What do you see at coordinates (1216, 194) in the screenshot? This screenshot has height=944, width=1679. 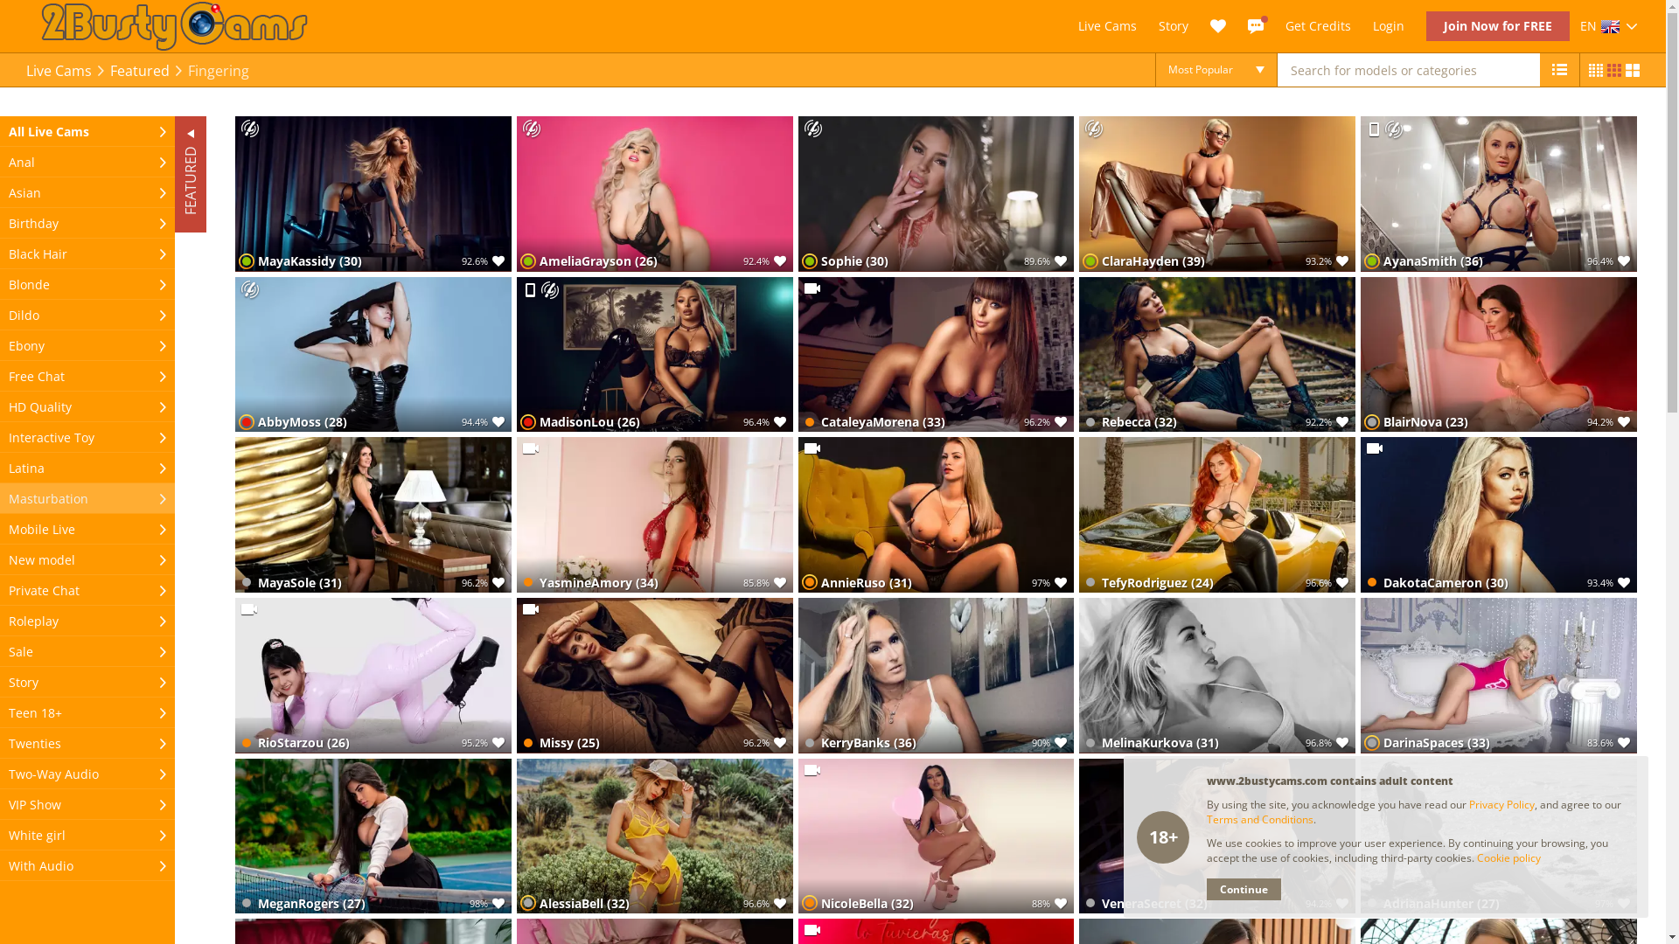 I see `'ClaraHayden (39)` at bounding box center [1216, 194].